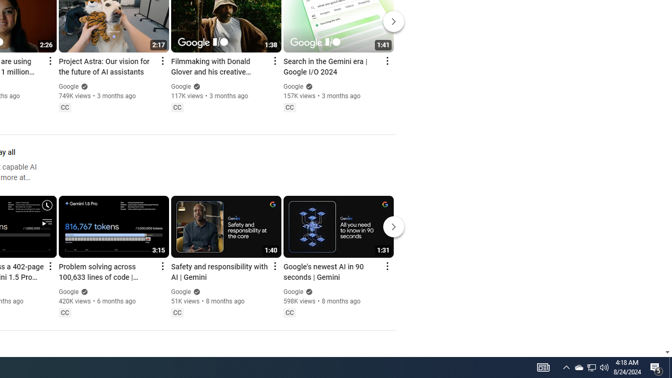 The height and width of the screenshot is (378, 672). Describe the element at coordinates (386, 265) in the screenshot. I see `'Action menu'` at that location.